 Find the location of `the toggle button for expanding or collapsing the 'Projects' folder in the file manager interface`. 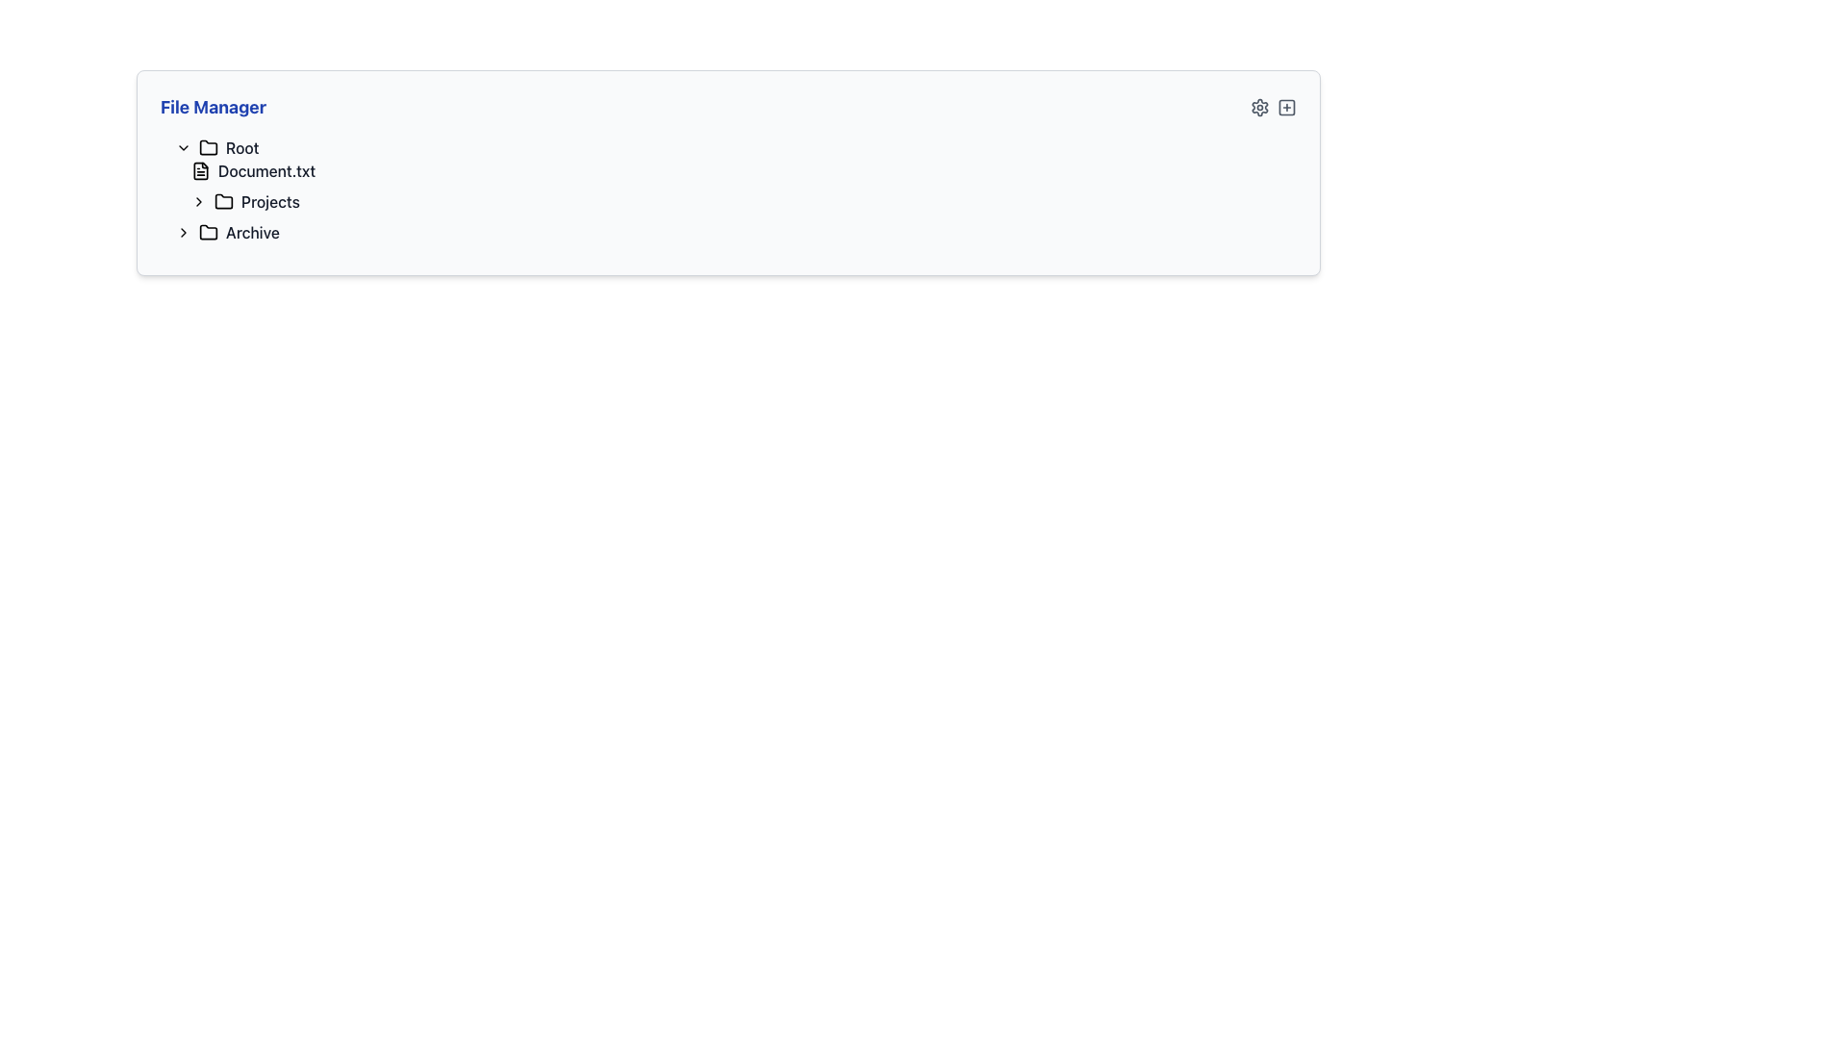

the toggle button for expanding or collapsing the 'Projects' folder in the file manager interface is located at coordinates (198, 201).